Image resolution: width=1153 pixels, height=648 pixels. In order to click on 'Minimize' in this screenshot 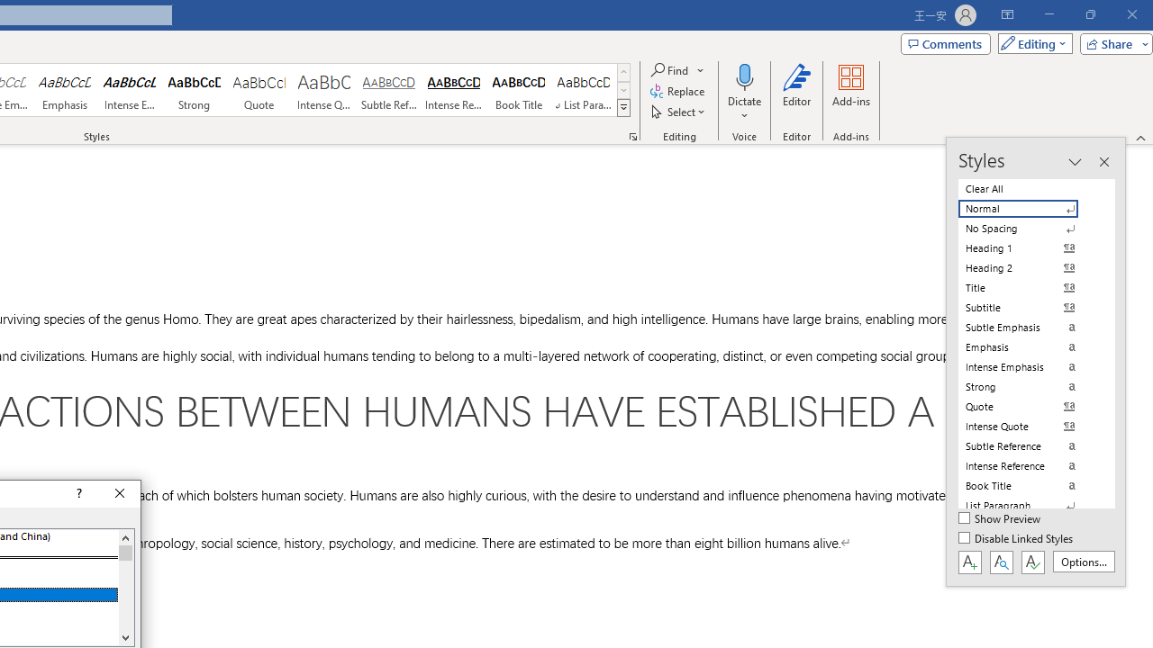, I will do `click(1049, 14)`.